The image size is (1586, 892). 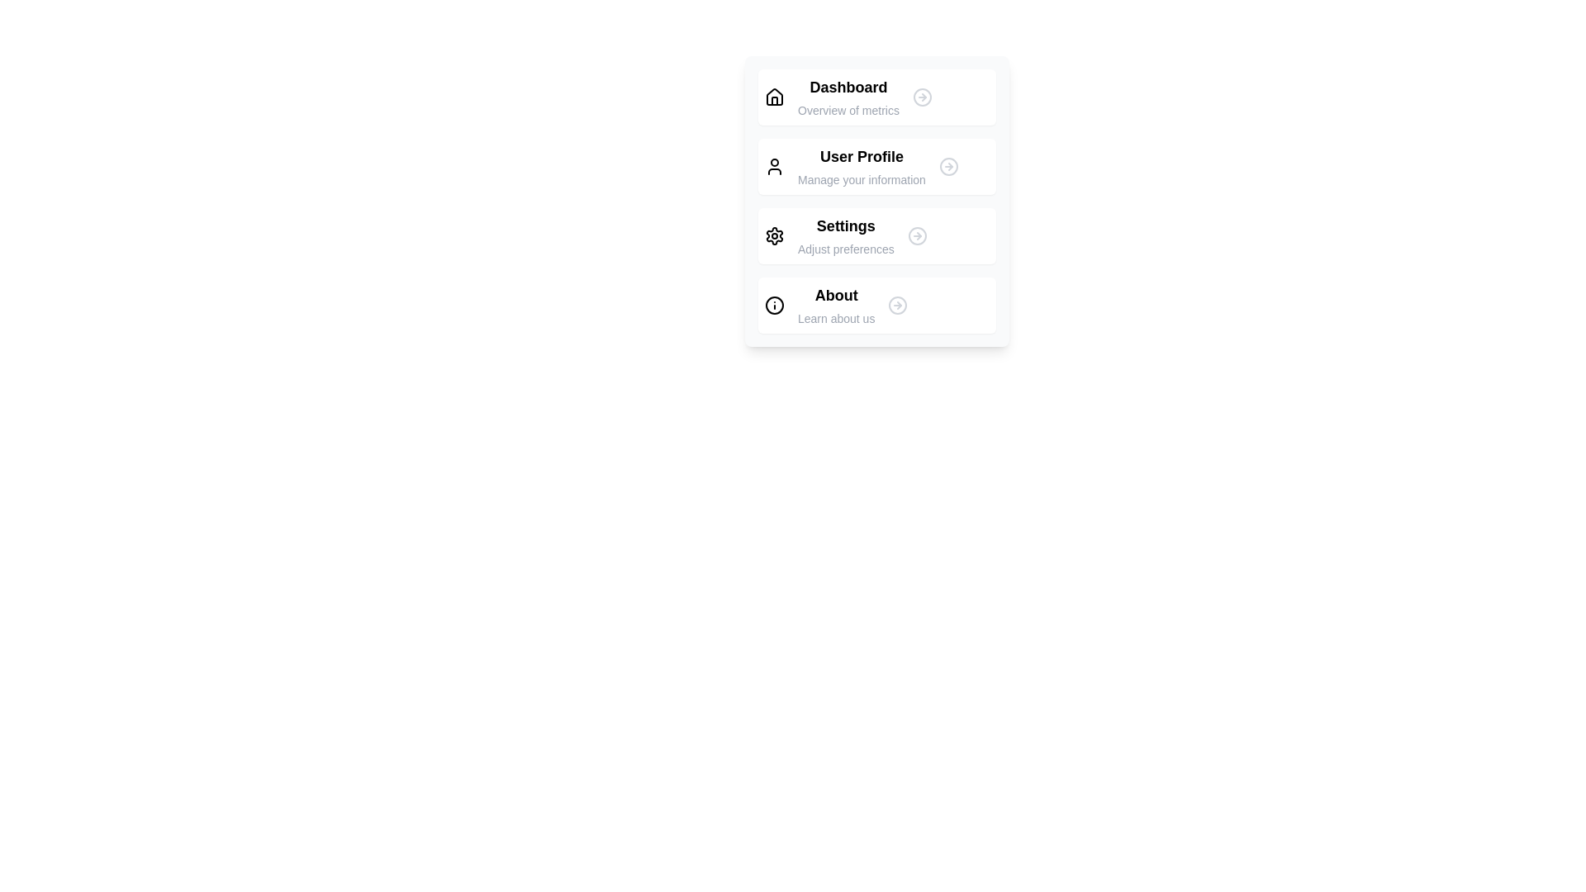 What do you see at coordinates (861, 180) in the screenshot?
I see `the supplementary text located directly below the 'User Profile' section in the vertical menu layout` at bounding box center [861, 180].